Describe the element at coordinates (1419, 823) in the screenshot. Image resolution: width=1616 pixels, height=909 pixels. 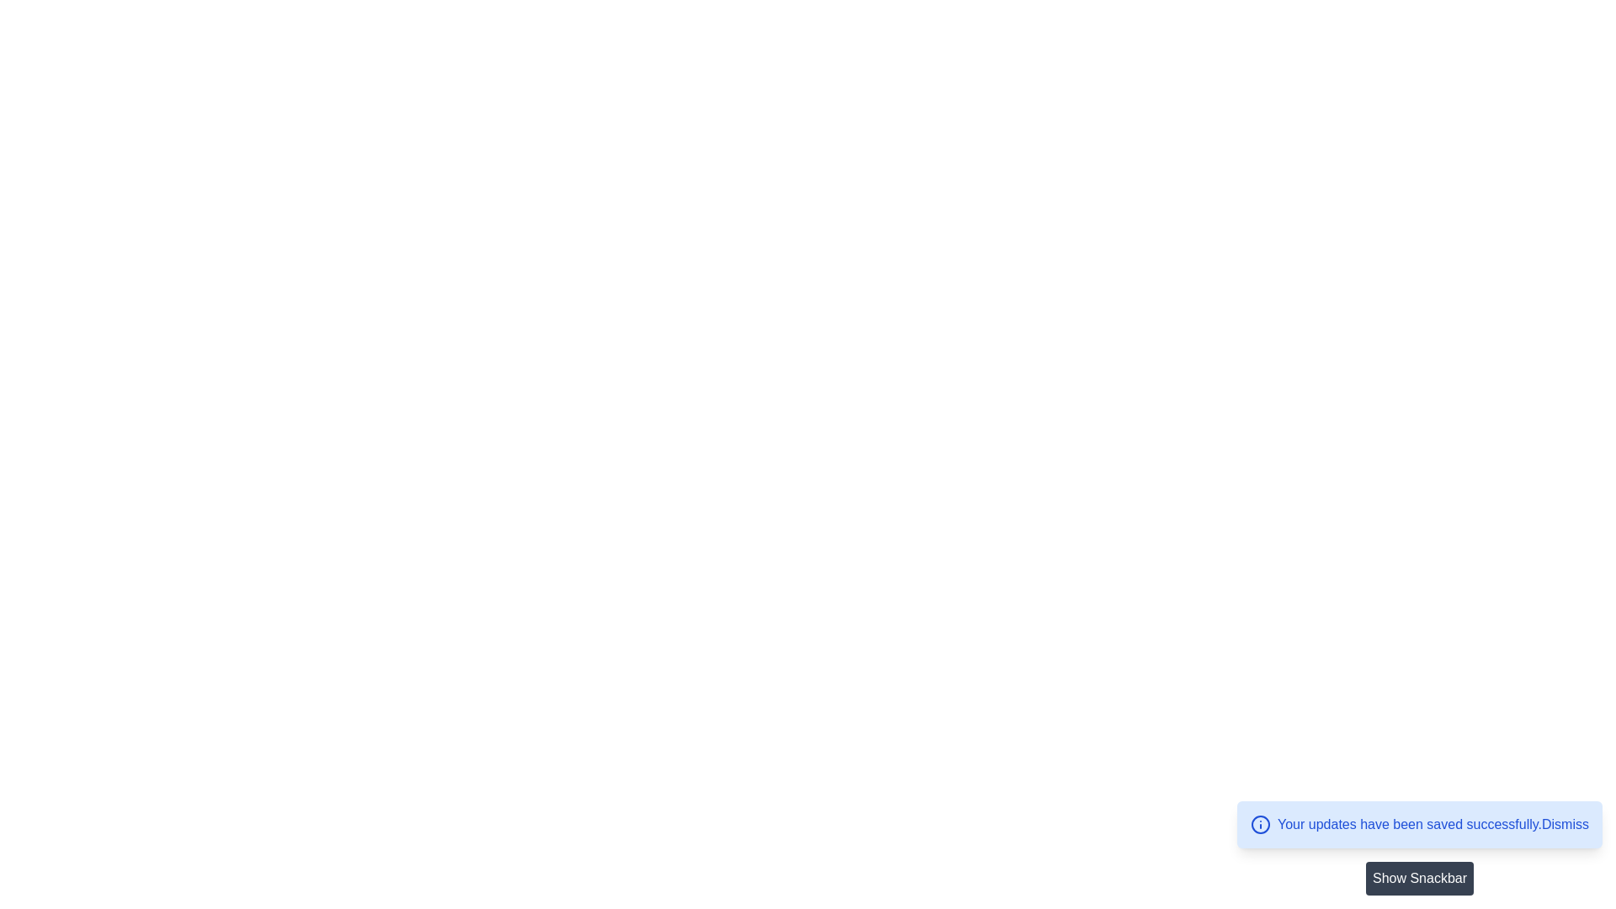
I see `the 'Dismiss' link in the blue notification box that indicates updates have been saved successfully, located at the bottom-right corner of the interface` at that location.